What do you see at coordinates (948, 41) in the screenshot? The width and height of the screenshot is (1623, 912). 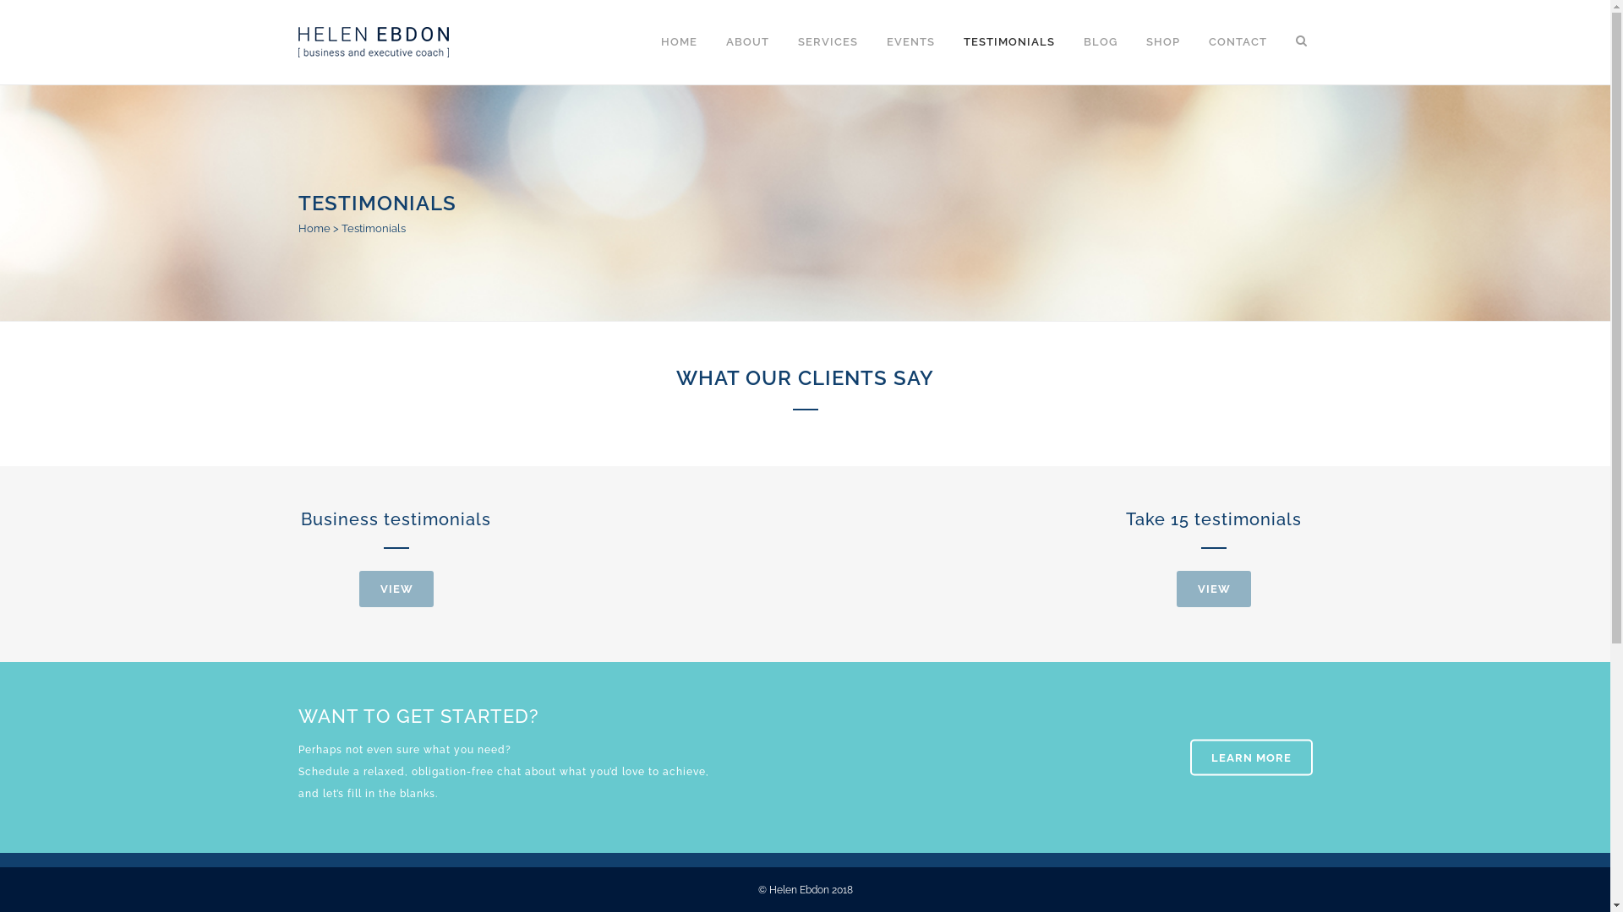 I see `'TESTIMONIALS'` at bounding box center [948, 41].